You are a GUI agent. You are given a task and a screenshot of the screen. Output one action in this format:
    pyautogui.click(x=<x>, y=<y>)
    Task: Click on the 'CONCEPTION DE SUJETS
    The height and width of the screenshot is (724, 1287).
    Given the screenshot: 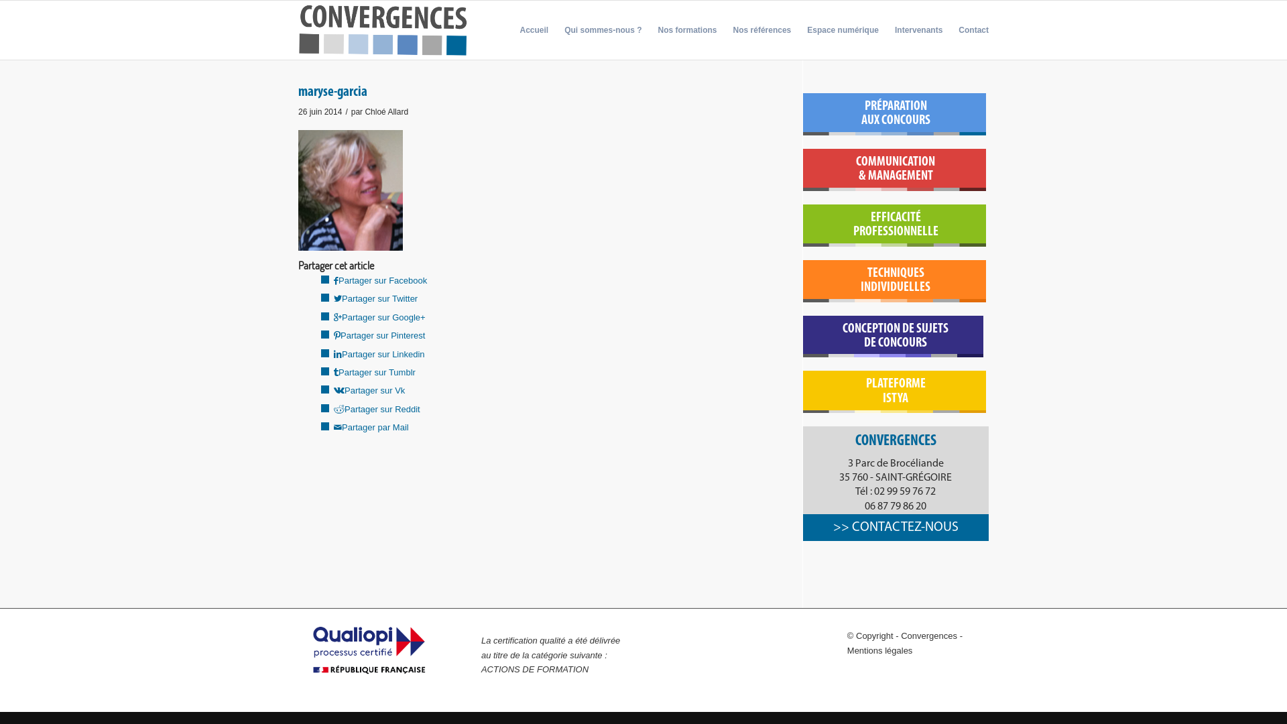 What is the action you would take?
    pyautogui.click(x=896, y=335)
    